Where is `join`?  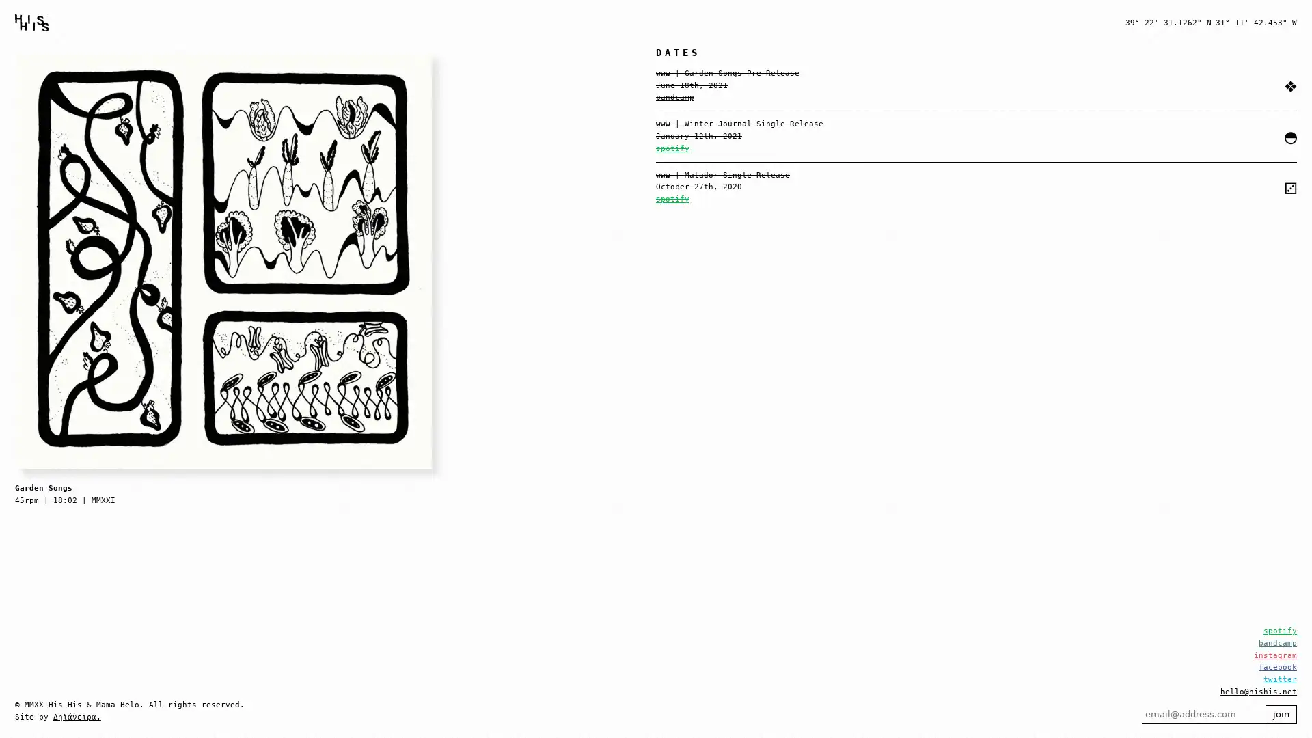
join is located at coordinates (1214, 673).